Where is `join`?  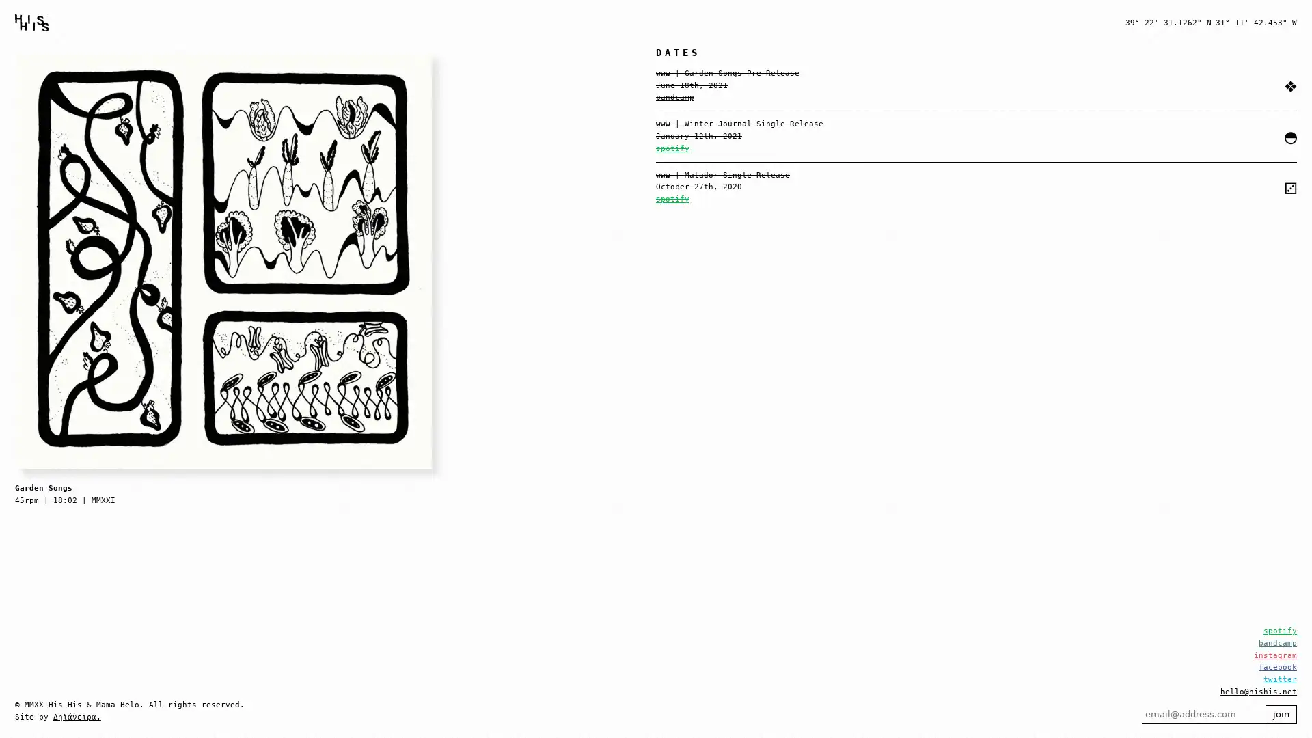
join is located at coordinates (1214, 673).